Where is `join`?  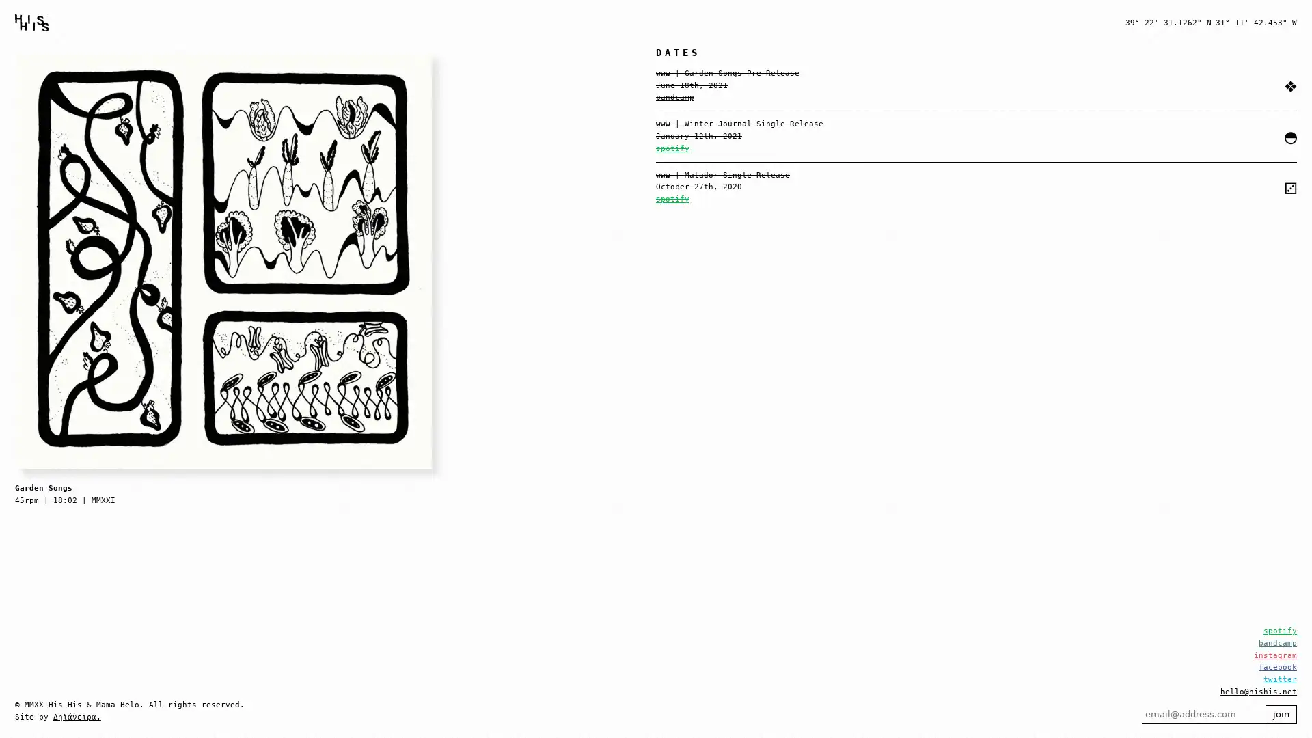
join is located at coordinates (1214, 673).